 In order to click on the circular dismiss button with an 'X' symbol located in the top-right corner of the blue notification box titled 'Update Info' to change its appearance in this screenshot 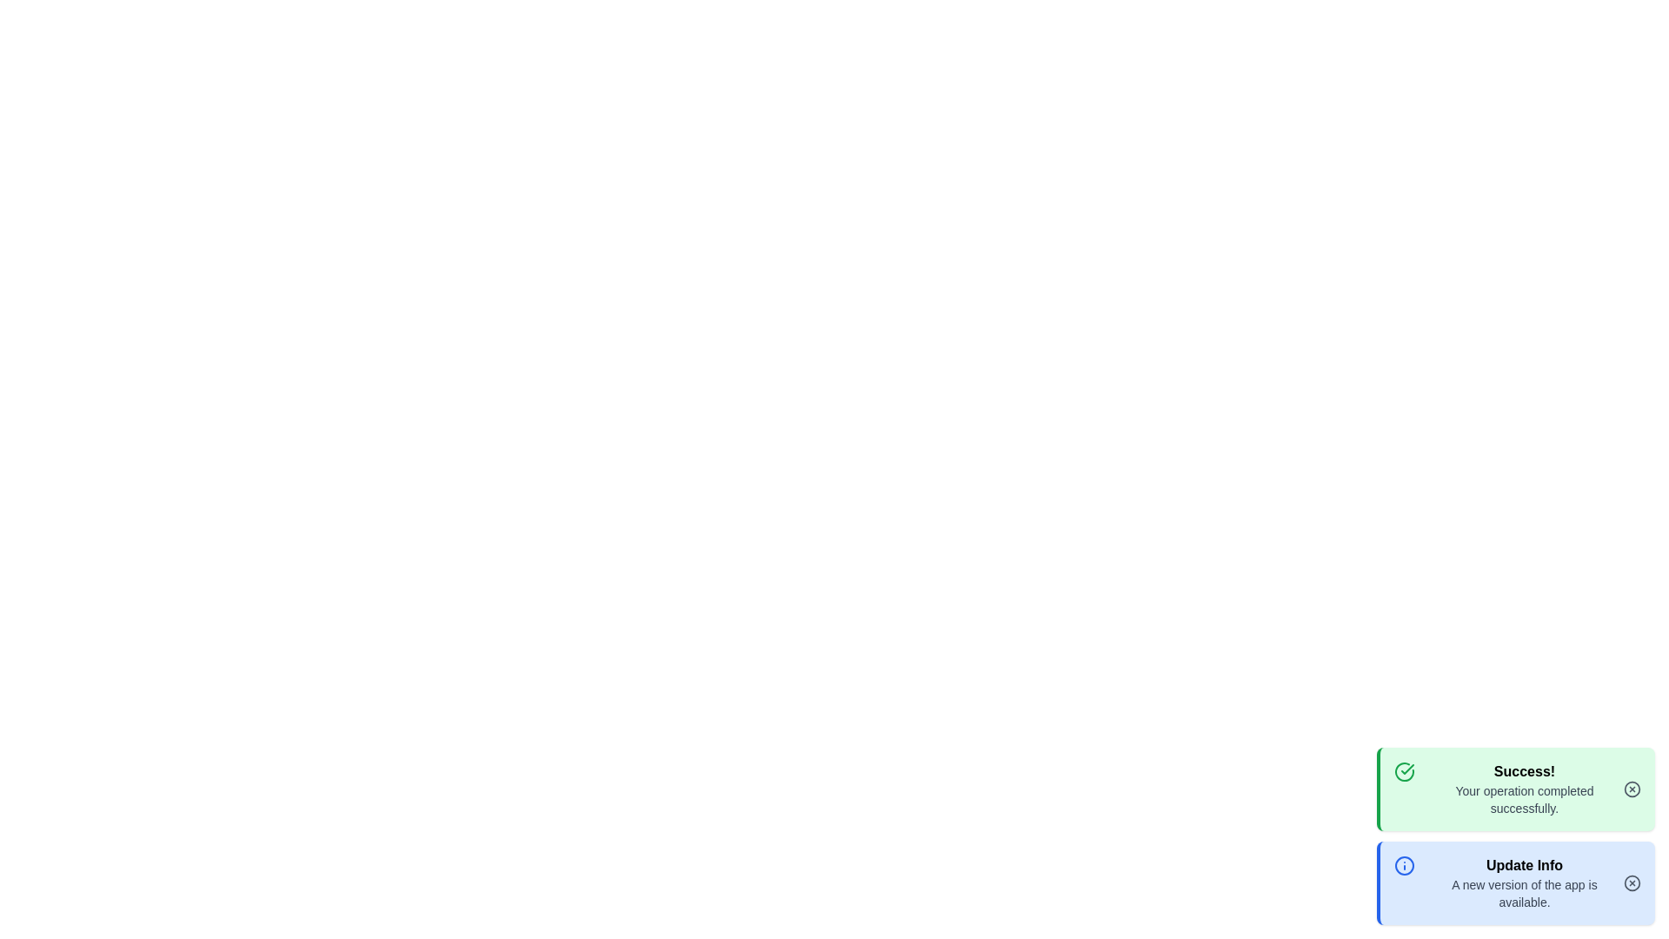, I will do `click(1631, 882)`.